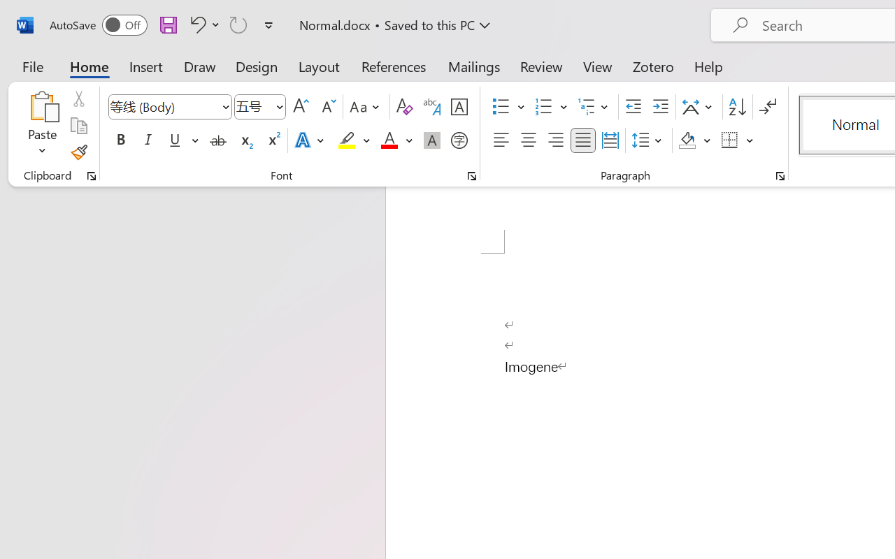 The width and height of the screenshot is (895, 559). What do you see at coordinates (354, 140) in the screenshot?
I see `'Text Highlight Color'` at bounding box center [354, 140].